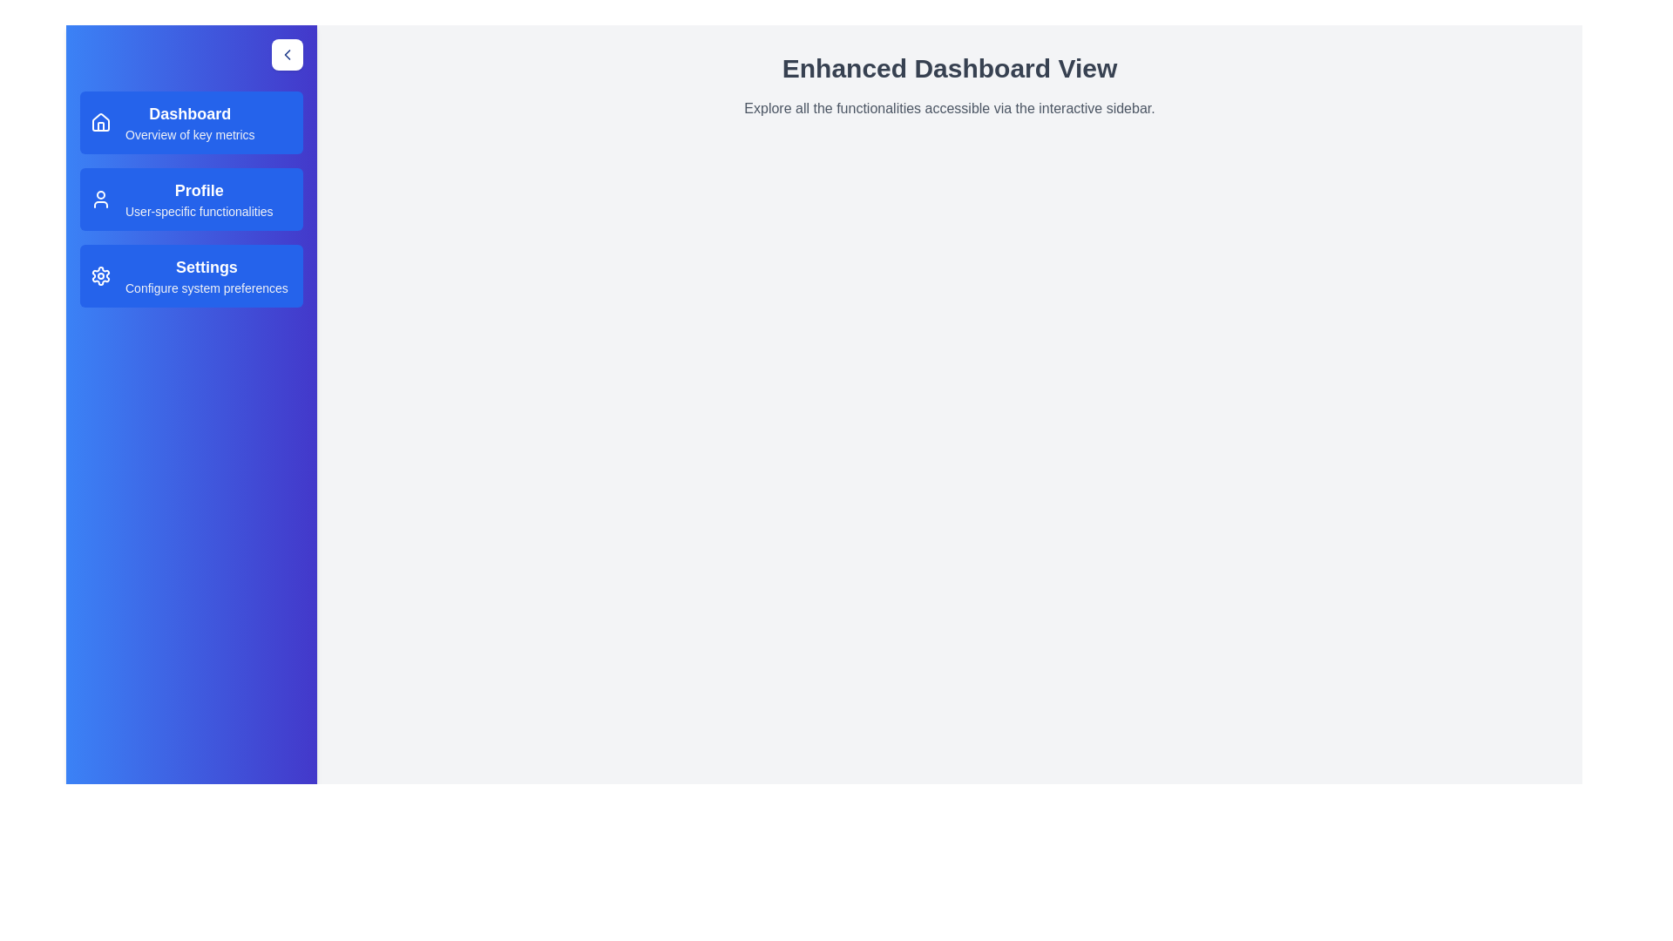 This screenshot has height=941, width=1673. I want to click on the menu option Dashboard from the sidebar, so click(192, 122).